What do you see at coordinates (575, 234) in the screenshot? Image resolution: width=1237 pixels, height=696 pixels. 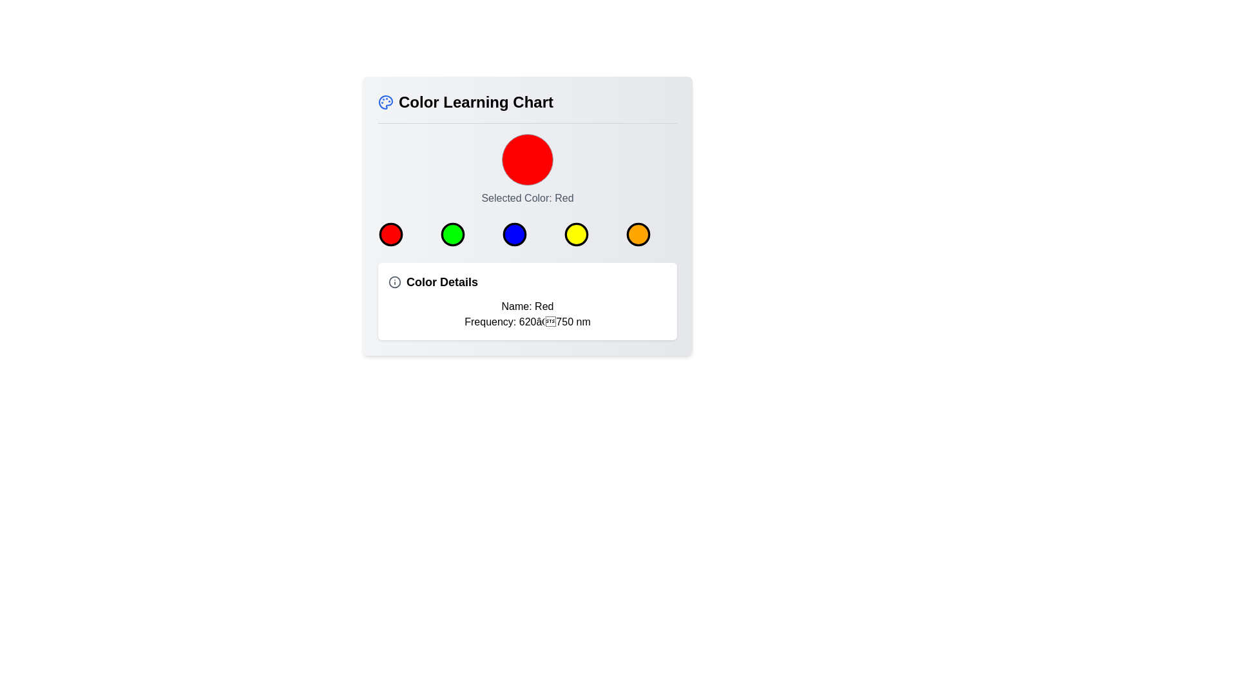 I see `the yellow circular color selector, which is the fourth circle in a sequence of five` at bounding box center [575, 234].